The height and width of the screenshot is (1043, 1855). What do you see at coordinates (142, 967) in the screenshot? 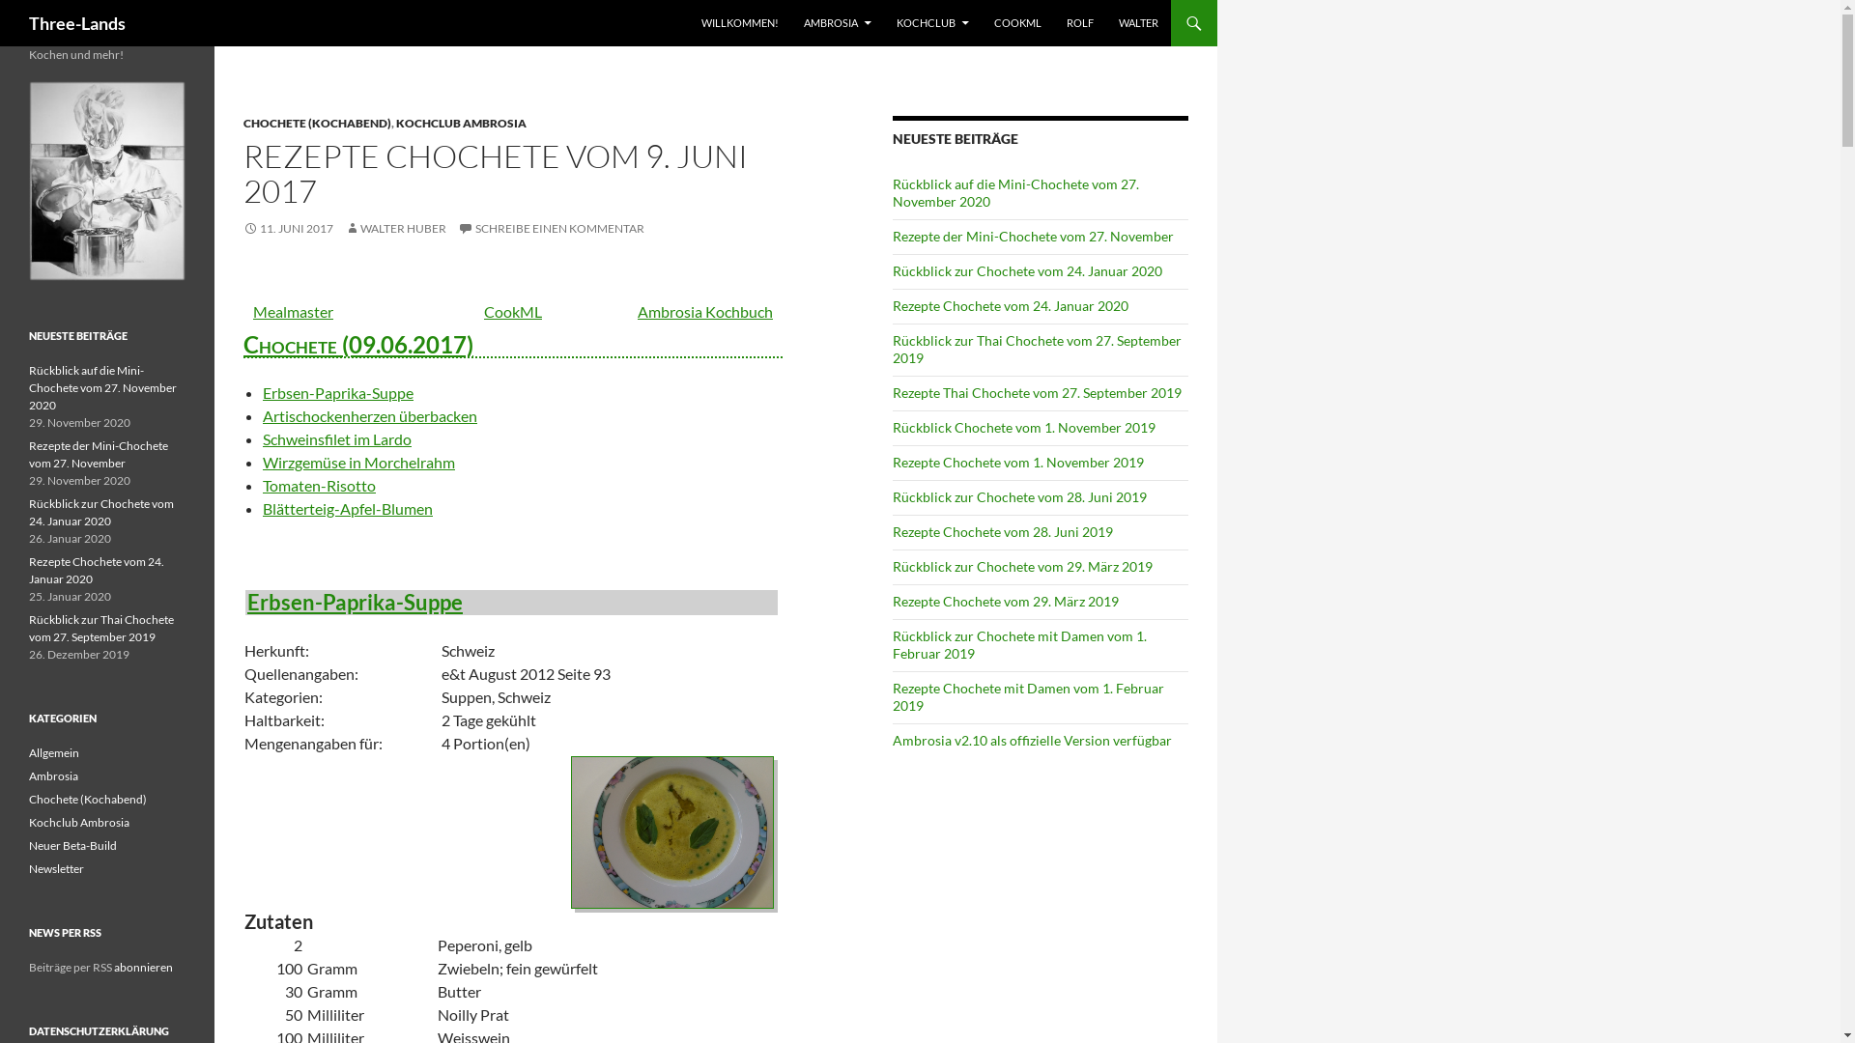
I see `'abonnieren'` at bounding box center [142, 967].